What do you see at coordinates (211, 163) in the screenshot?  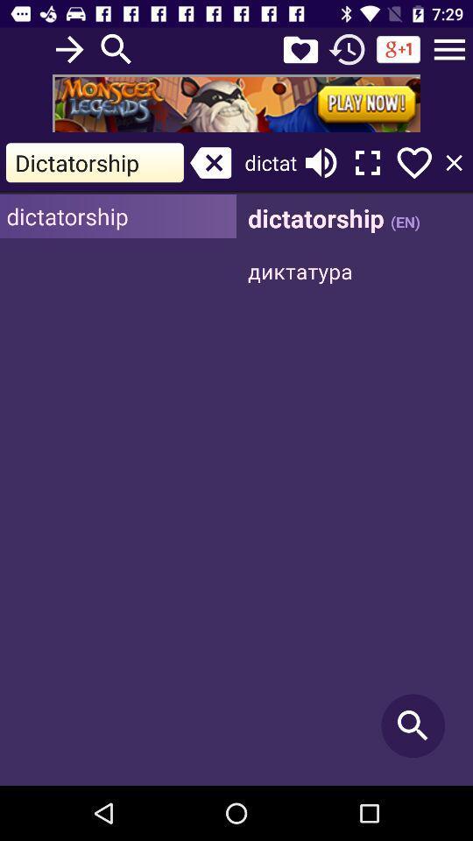 I see `the icon which is left to dictat` at bounding box center [211, 163].